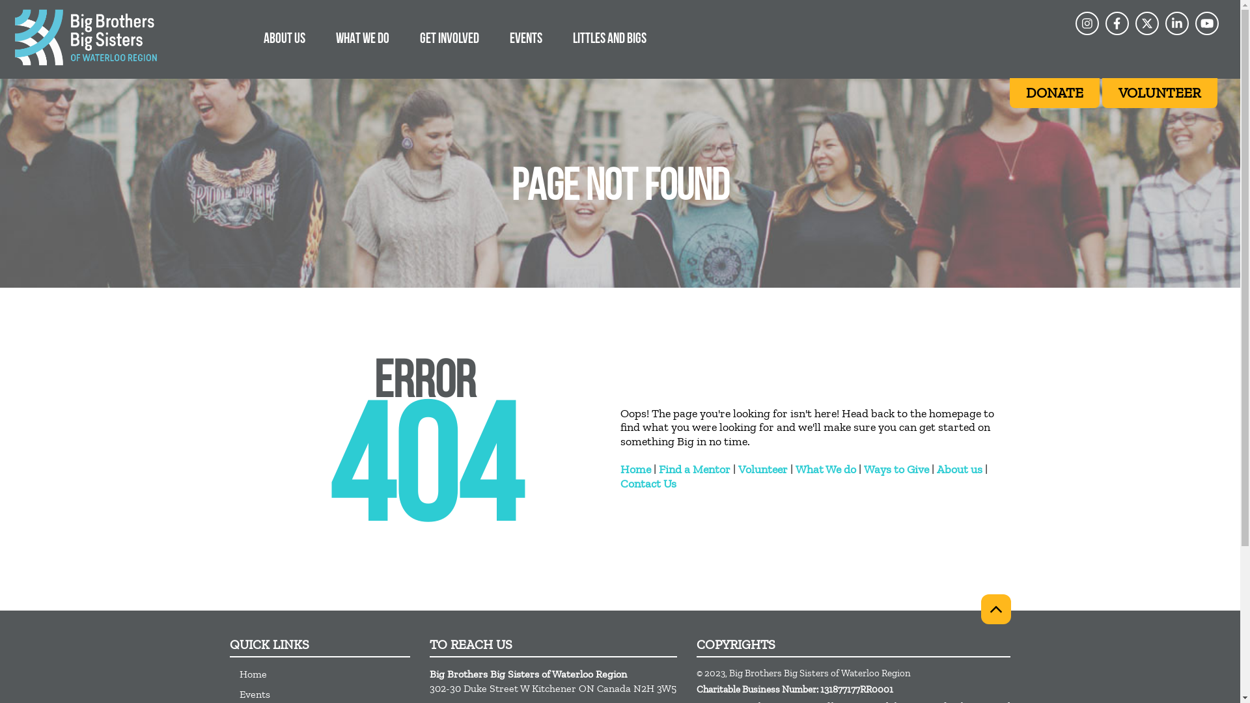  Describe the element at coordinates (647, 484) in the screenshot. I see `'Contact Us'` at that location.